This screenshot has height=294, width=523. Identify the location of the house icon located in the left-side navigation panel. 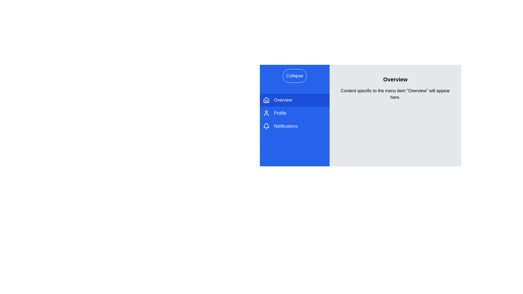
(266, 100).